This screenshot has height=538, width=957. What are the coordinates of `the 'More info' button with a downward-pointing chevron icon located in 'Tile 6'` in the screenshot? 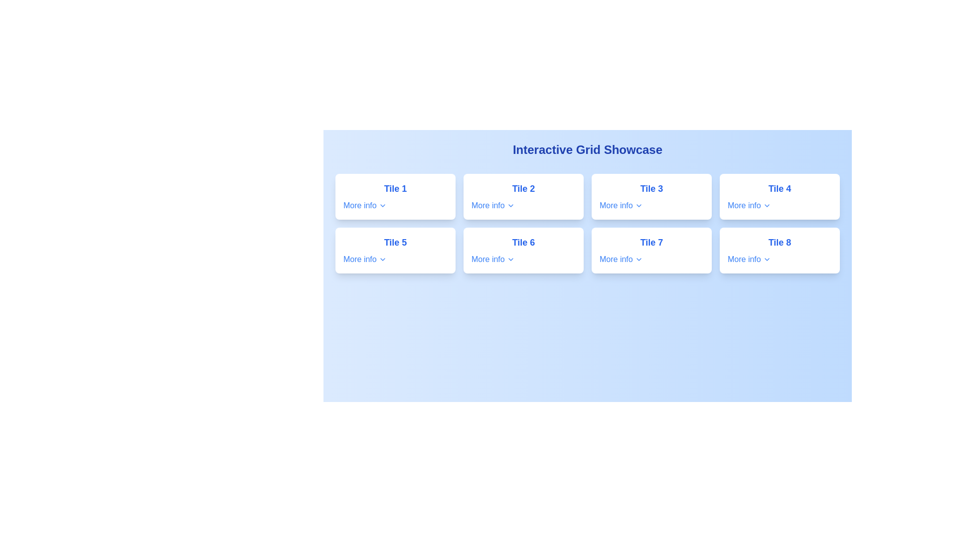 It's located at (493, 259).